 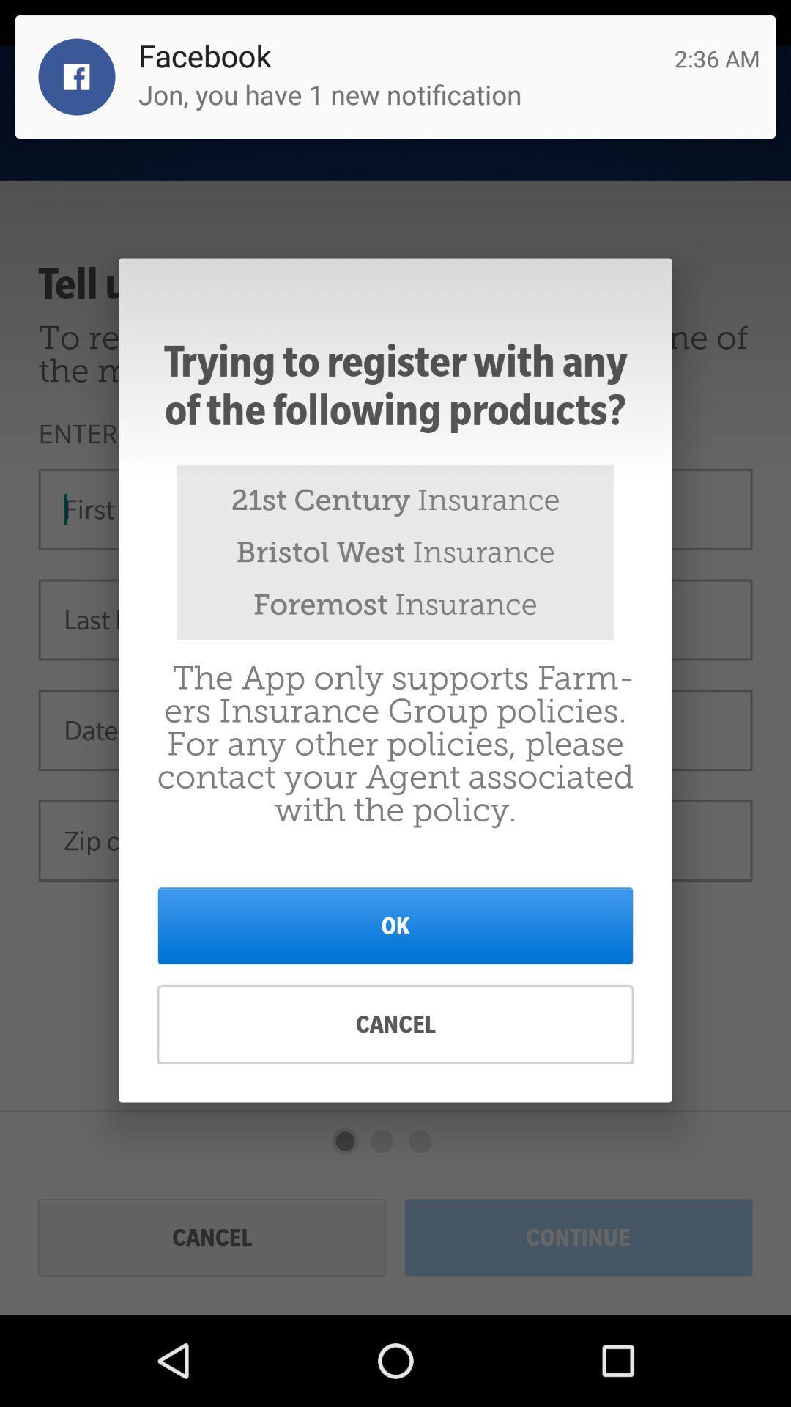 I want to click on the ok item, so click(x=395, y=925).